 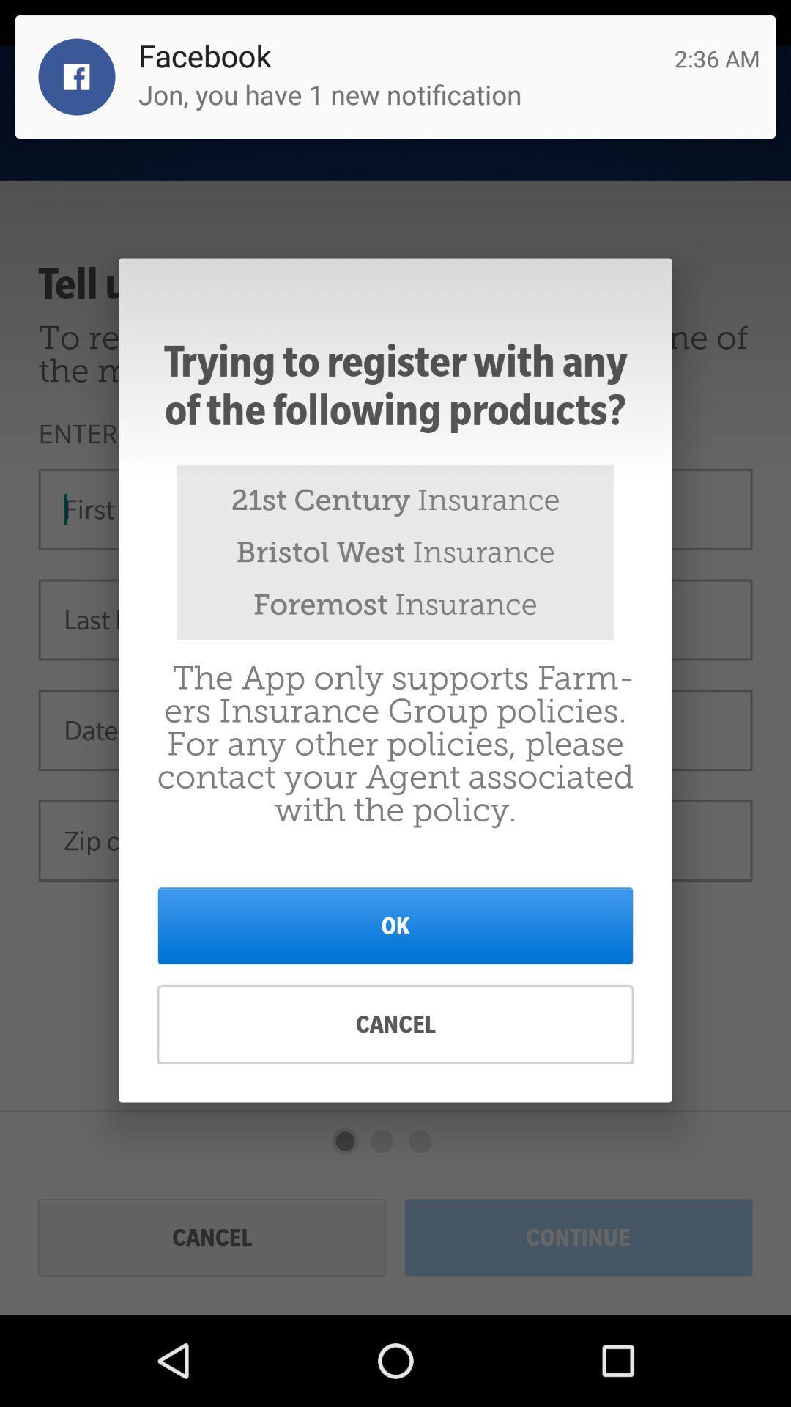 I want to click on the ok item, so click(x=395, y=925).